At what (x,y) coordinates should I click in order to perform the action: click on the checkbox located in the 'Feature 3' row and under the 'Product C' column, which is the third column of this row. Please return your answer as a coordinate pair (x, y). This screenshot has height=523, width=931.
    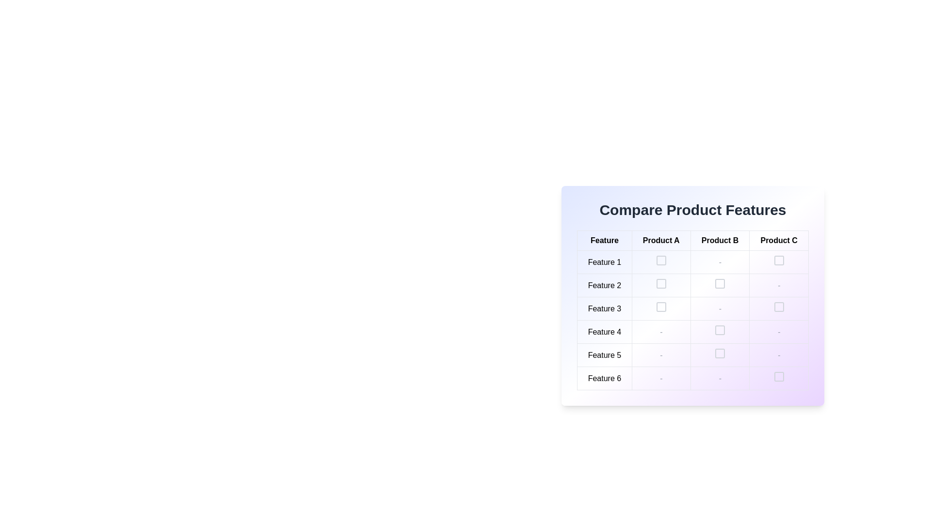
    Looking at the image, I should click on (779, 308).